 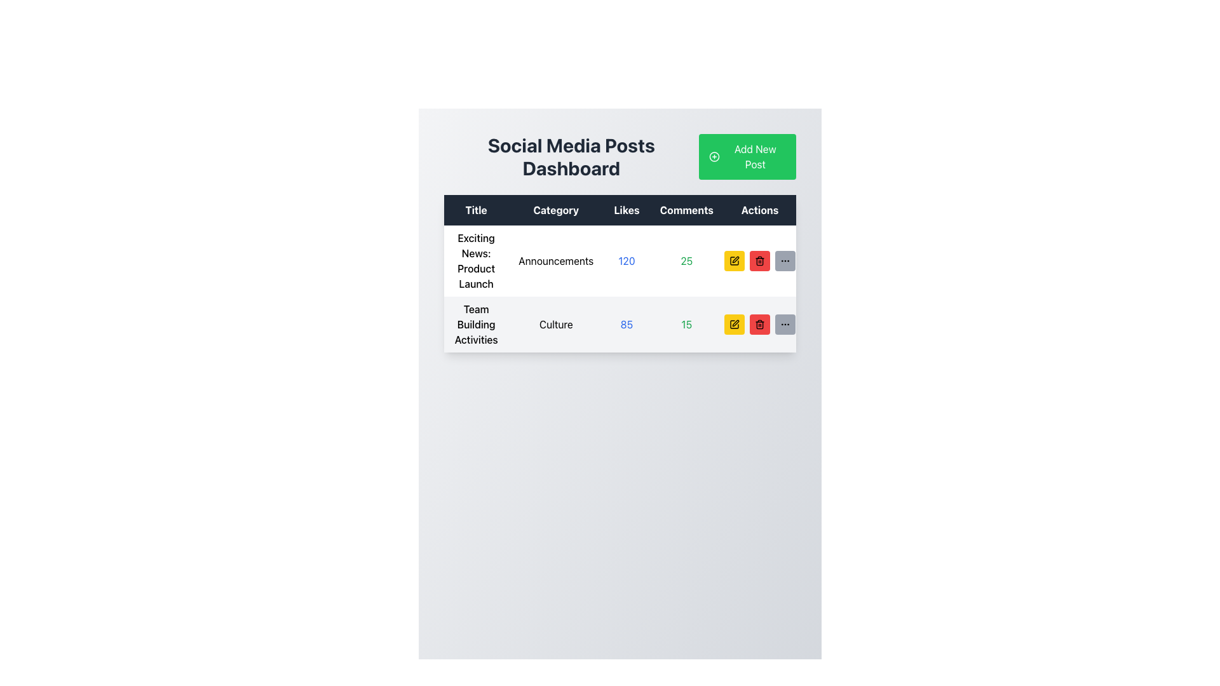 What do you see at coordinates (556, 210) in the screenshot?
I see `the 'Category' text label, which is the second column header in the table layout, styled in white text on a dark background` at bounding box center [556, 210].